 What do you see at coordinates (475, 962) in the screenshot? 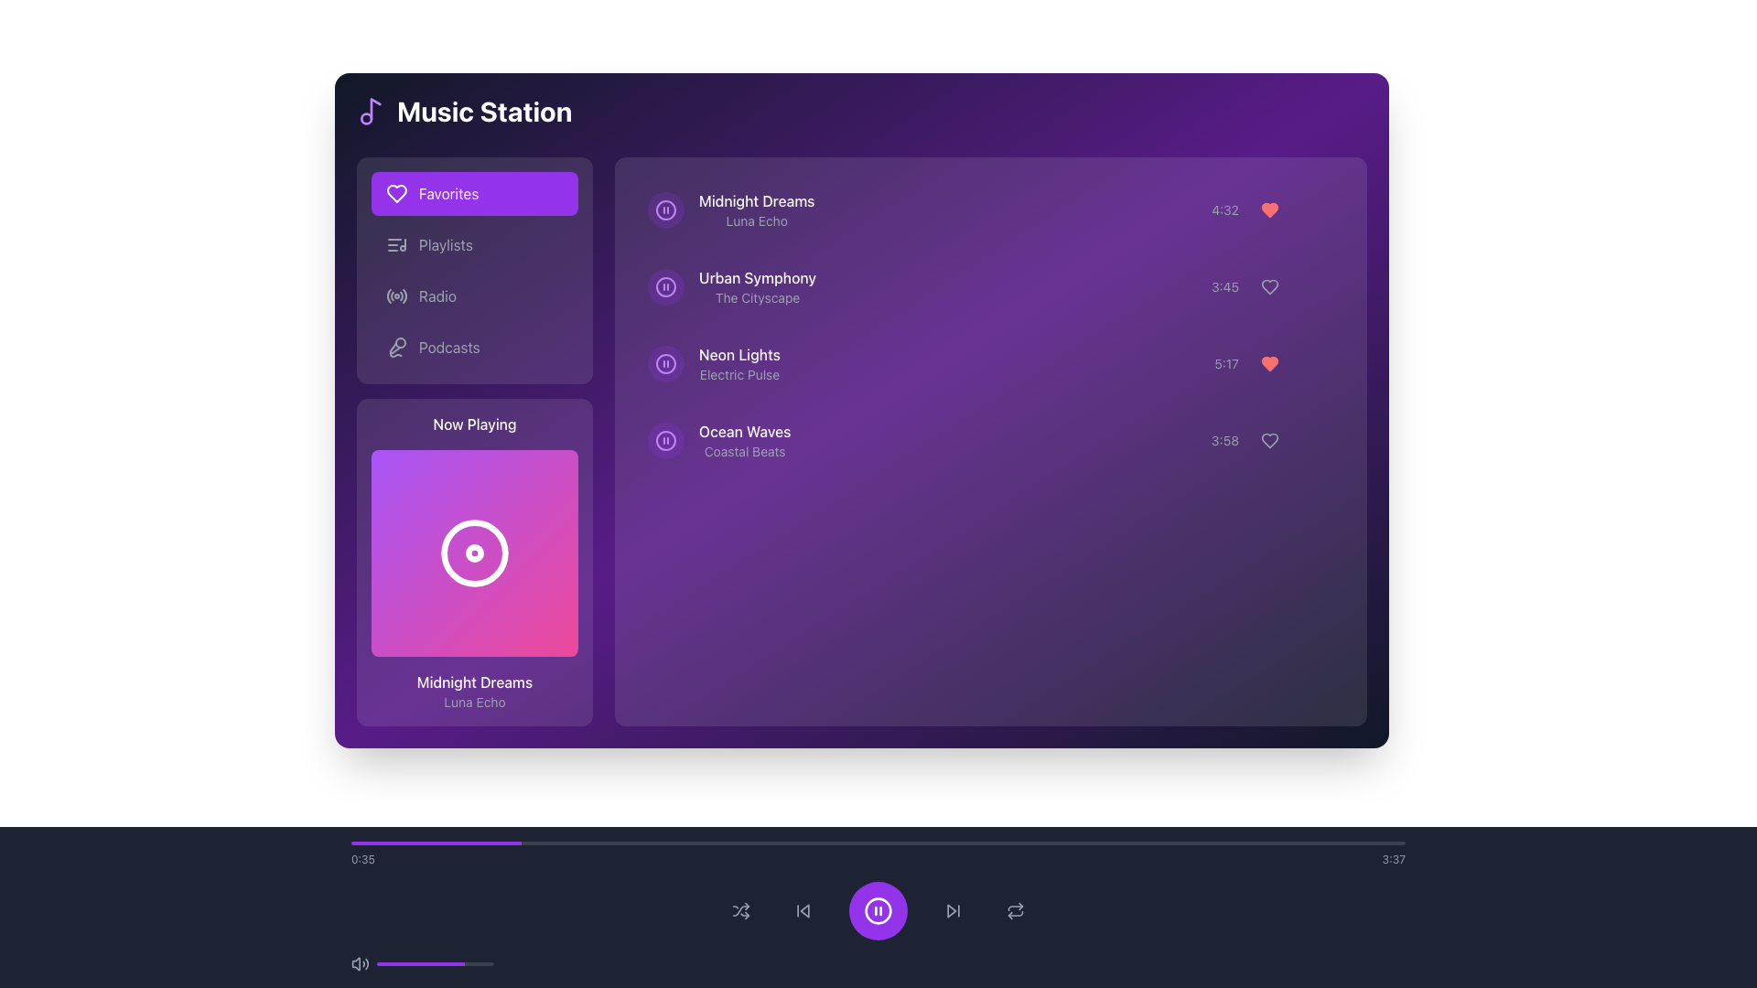
I see `the progress` at bounding box center [475, 962].